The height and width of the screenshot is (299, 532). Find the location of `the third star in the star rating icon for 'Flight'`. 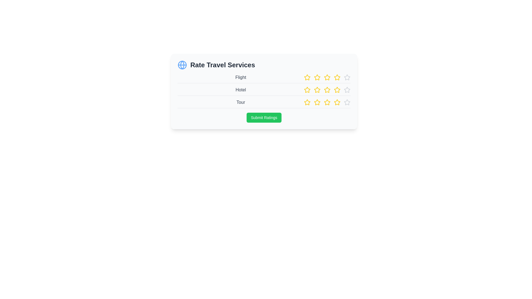

the third star in the star rating icon for 'Flight' is located at coordinates (317, 78).